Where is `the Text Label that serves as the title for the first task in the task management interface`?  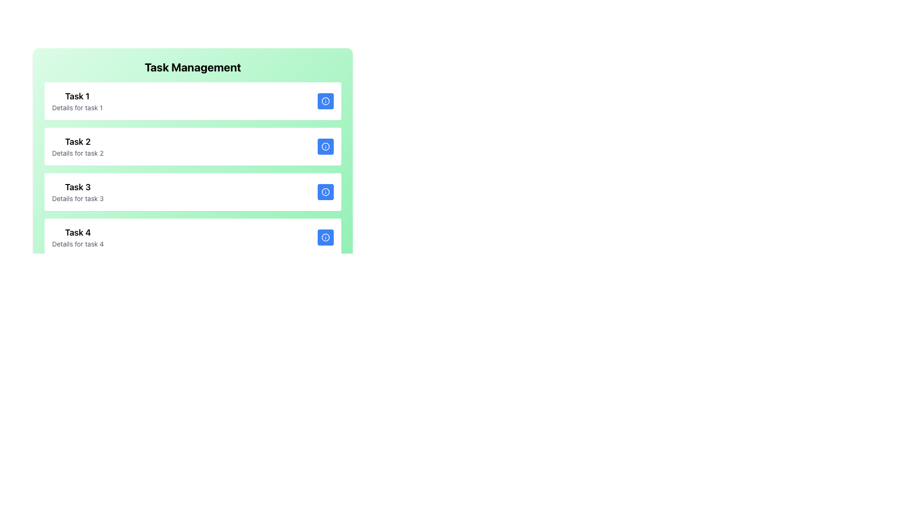 the Text Label that serves as the title for the first task in the task management interface is located at coordinates (77, 97).